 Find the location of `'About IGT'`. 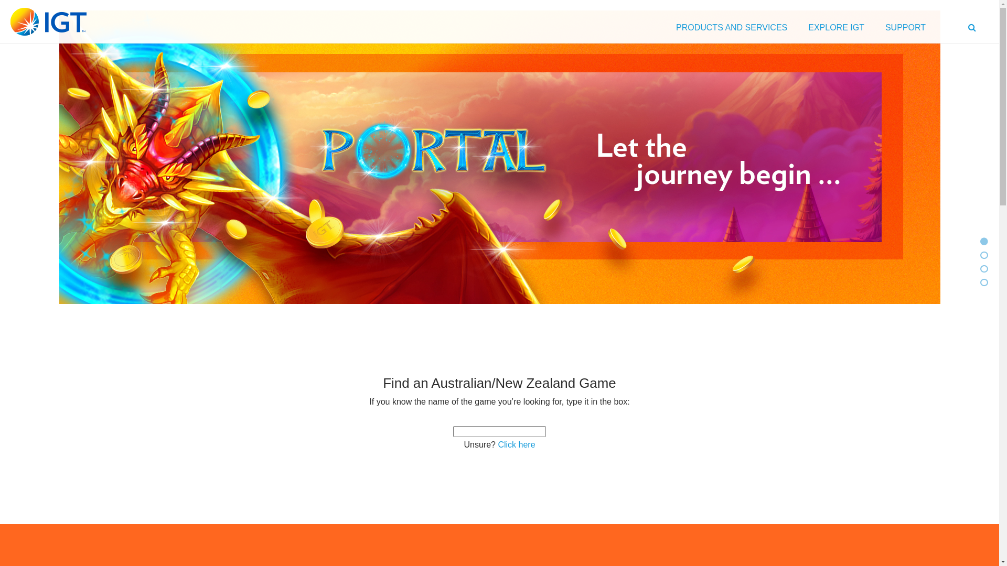

'About IGT' is located at coordinates (983, 268).